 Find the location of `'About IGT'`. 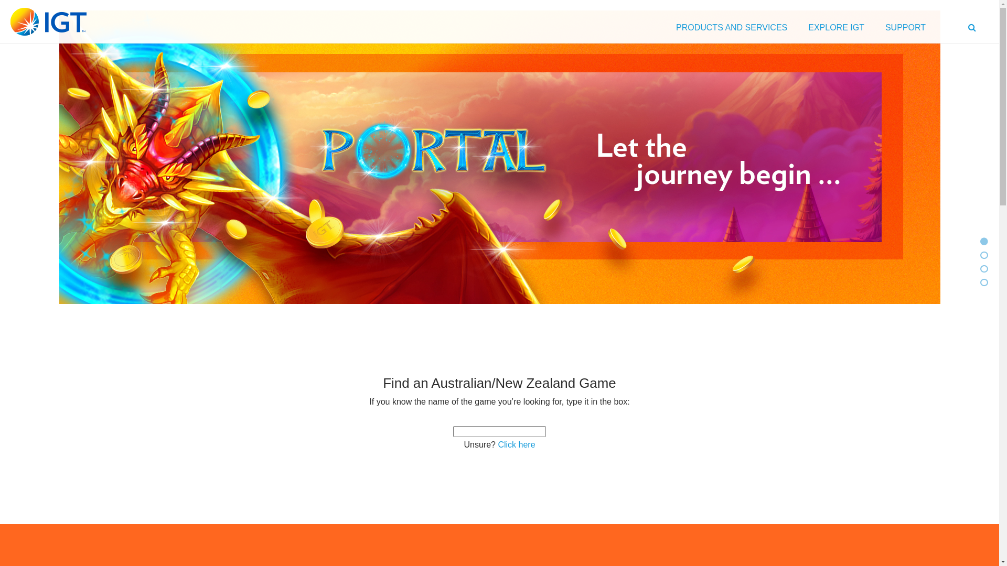

'About IGT' is located at coordinates (983, 268).